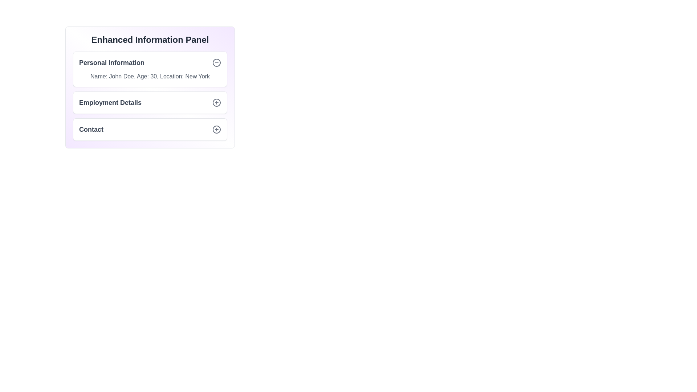 The image size is (697, 392). Describe the element at coordinates (216, 102) in the screenshot. I see `the icon button` at that location.